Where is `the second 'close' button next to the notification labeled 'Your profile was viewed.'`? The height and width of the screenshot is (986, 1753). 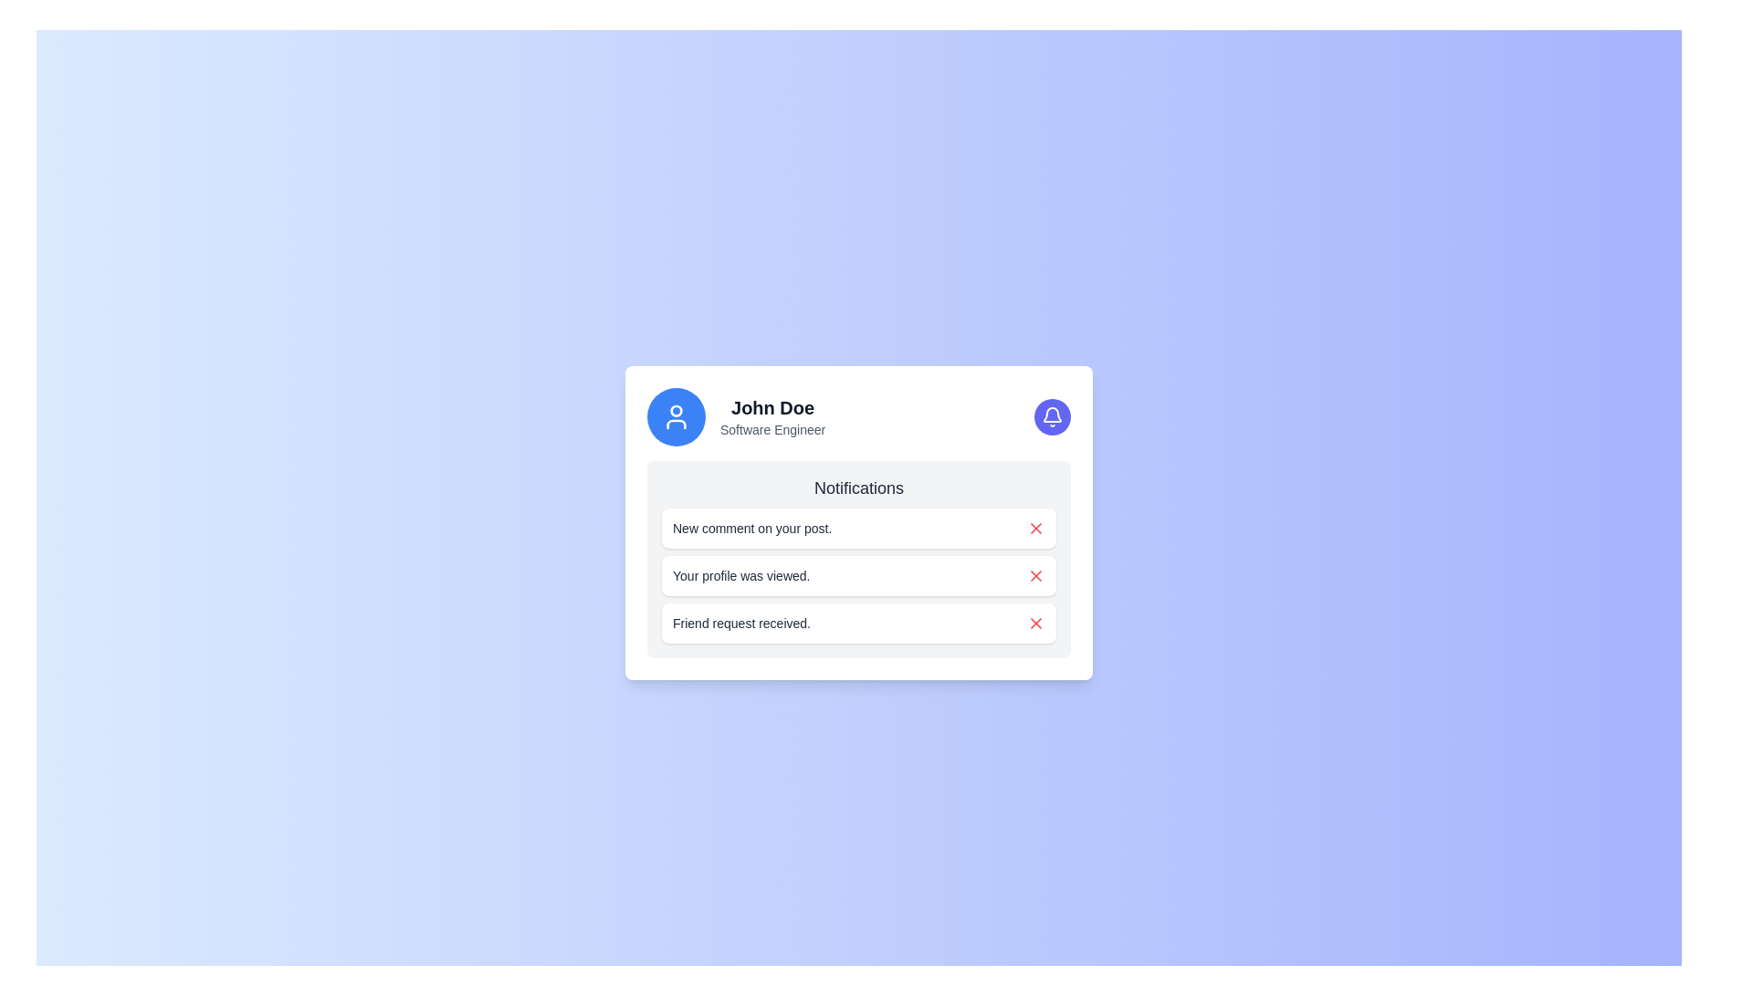
the second 'close' button next to the notification labeled 'Your profile was viewed.' is located at coordinates (1035, 576).